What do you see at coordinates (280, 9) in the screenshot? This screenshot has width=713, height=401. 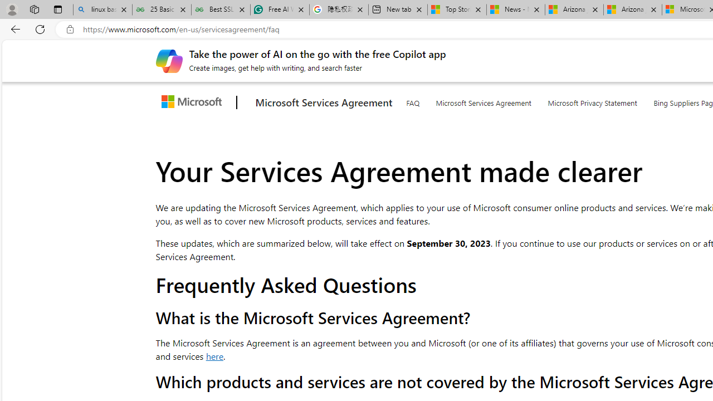 I see `'Free AI Writing Assistance for Students | Grammarly'` at bounding box center [280, 9].